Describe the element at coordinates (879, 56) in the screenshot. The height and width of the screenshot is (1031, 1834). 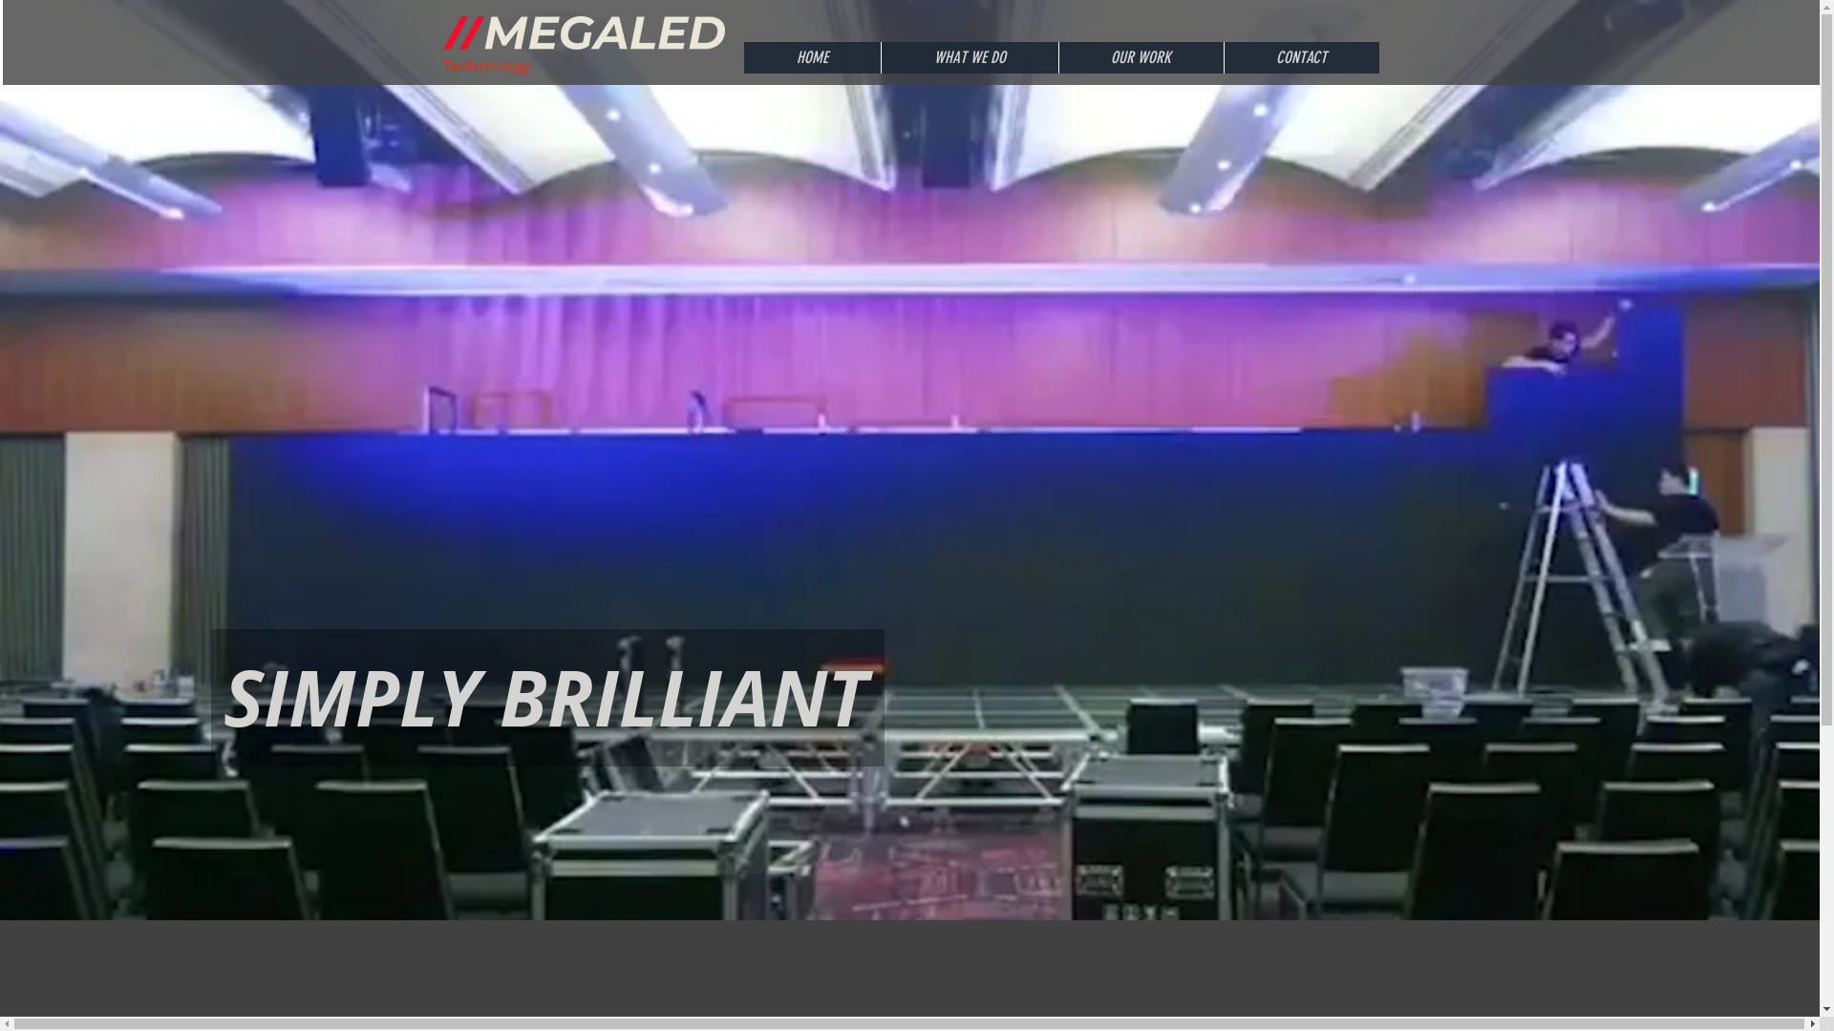
I see `'WHAT WE DO'` at that location.